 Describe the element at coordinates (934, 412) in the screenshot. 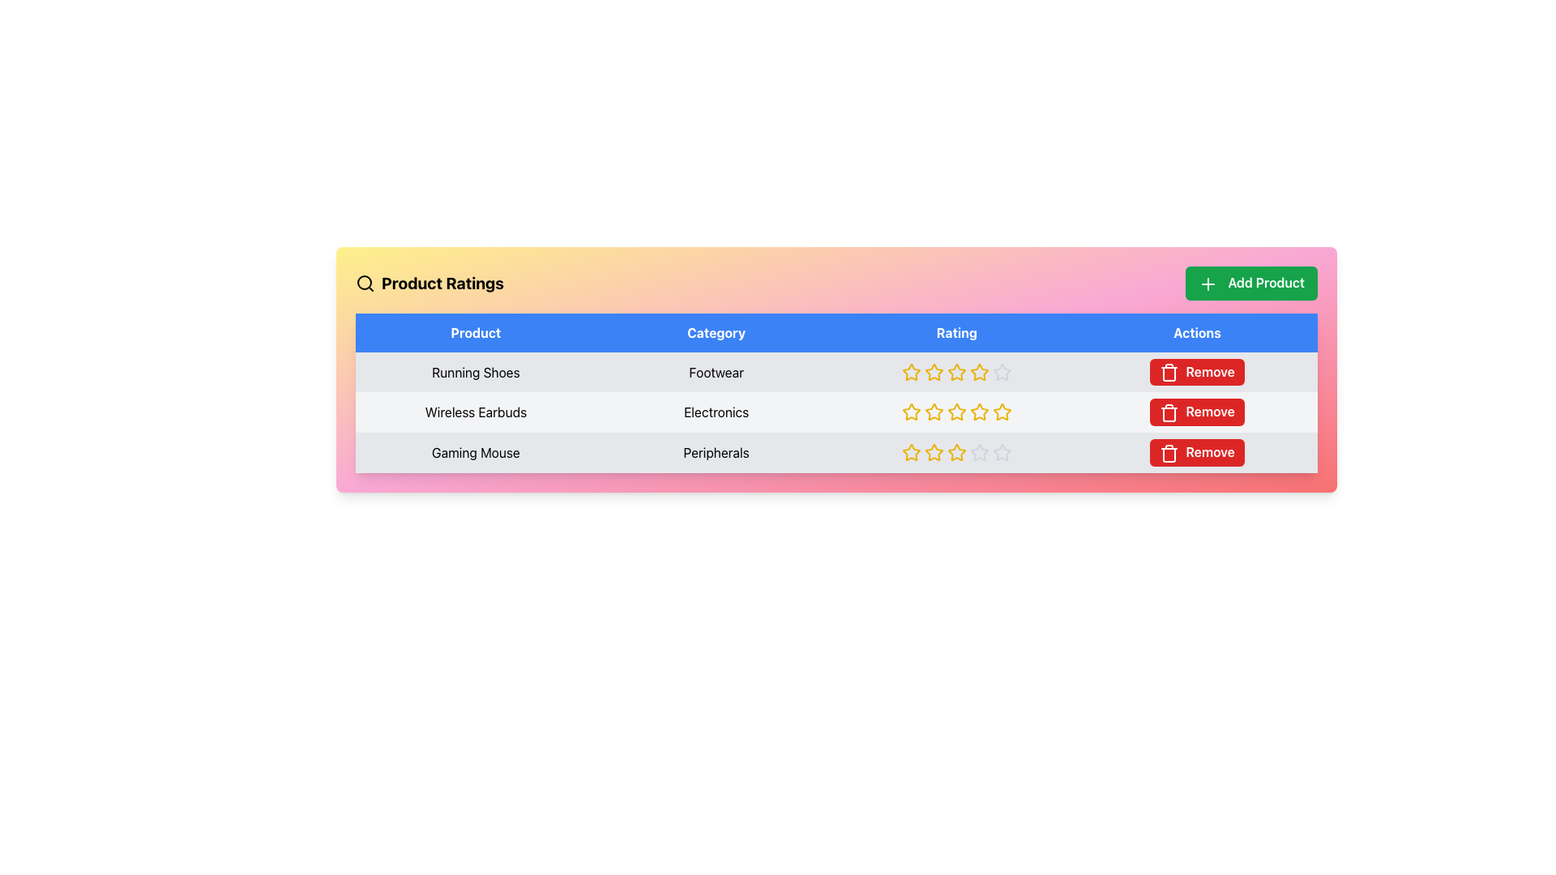

I see `the yellow star icon in the 'Rating' column for the 'Wireless Earbuds' product` at that location.